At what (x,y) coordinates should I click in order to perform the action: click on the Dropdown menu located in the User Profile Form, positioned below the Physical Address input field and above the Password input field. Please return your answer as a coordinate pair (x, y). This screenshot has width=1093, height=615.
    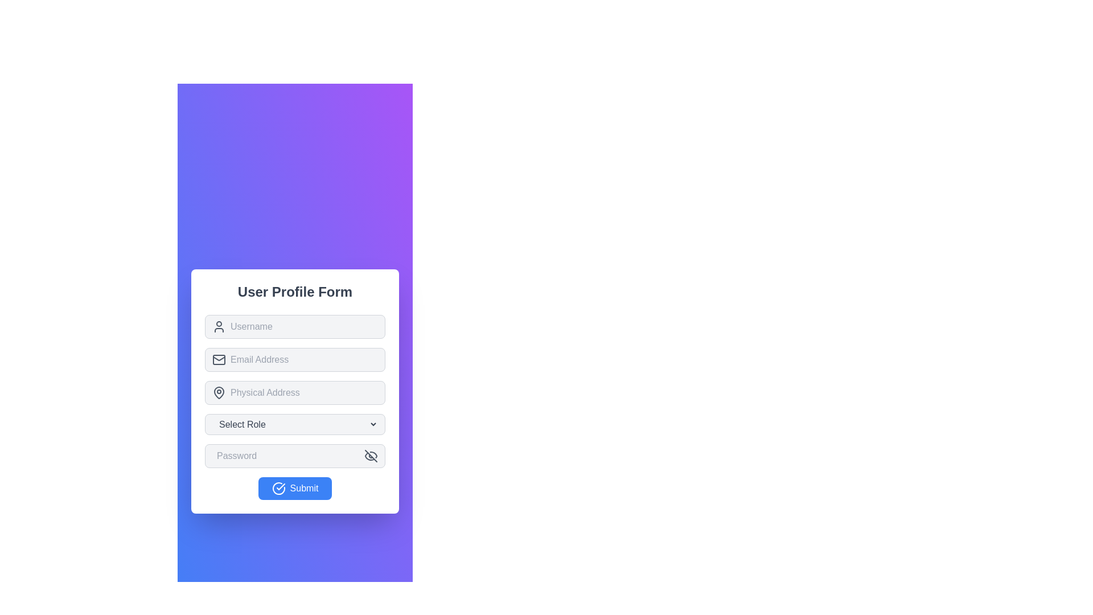
    Looking at the image, I should click on (295, 424).